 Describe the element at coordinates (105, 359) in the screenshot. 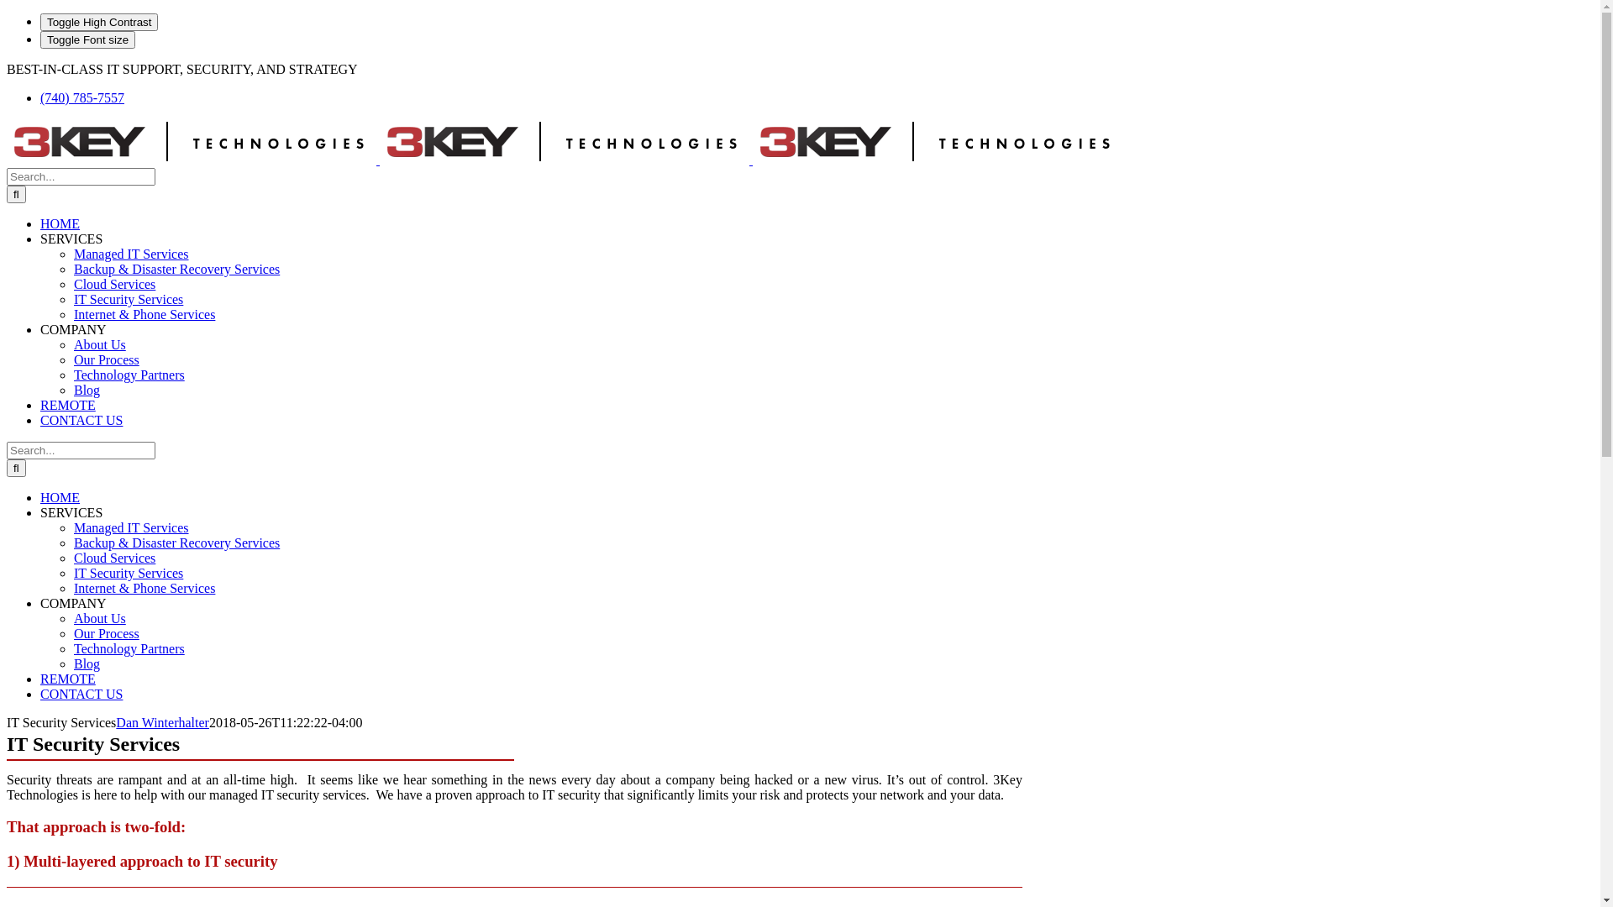

I see `'Our Process'` at that location.